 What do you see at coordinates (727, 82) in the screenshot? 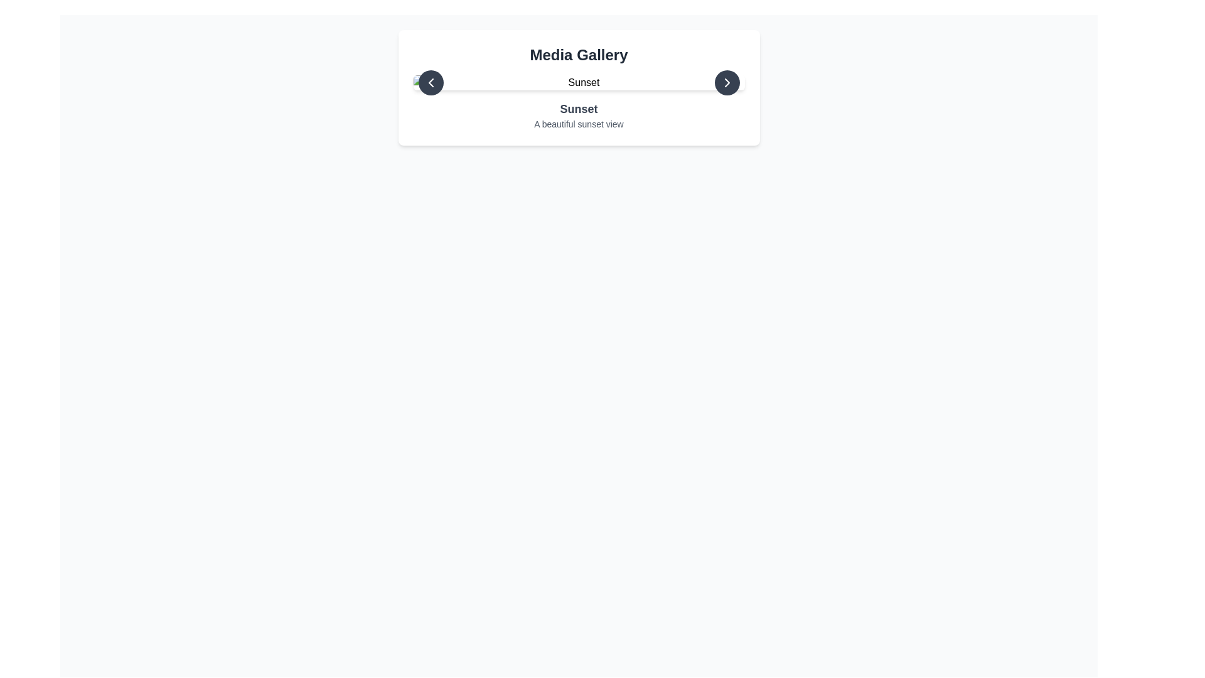
I see `the right chevron icon inside the circular dark gray button for carousel navigation in the Media Gallery section` at bounding box center [727, 82].